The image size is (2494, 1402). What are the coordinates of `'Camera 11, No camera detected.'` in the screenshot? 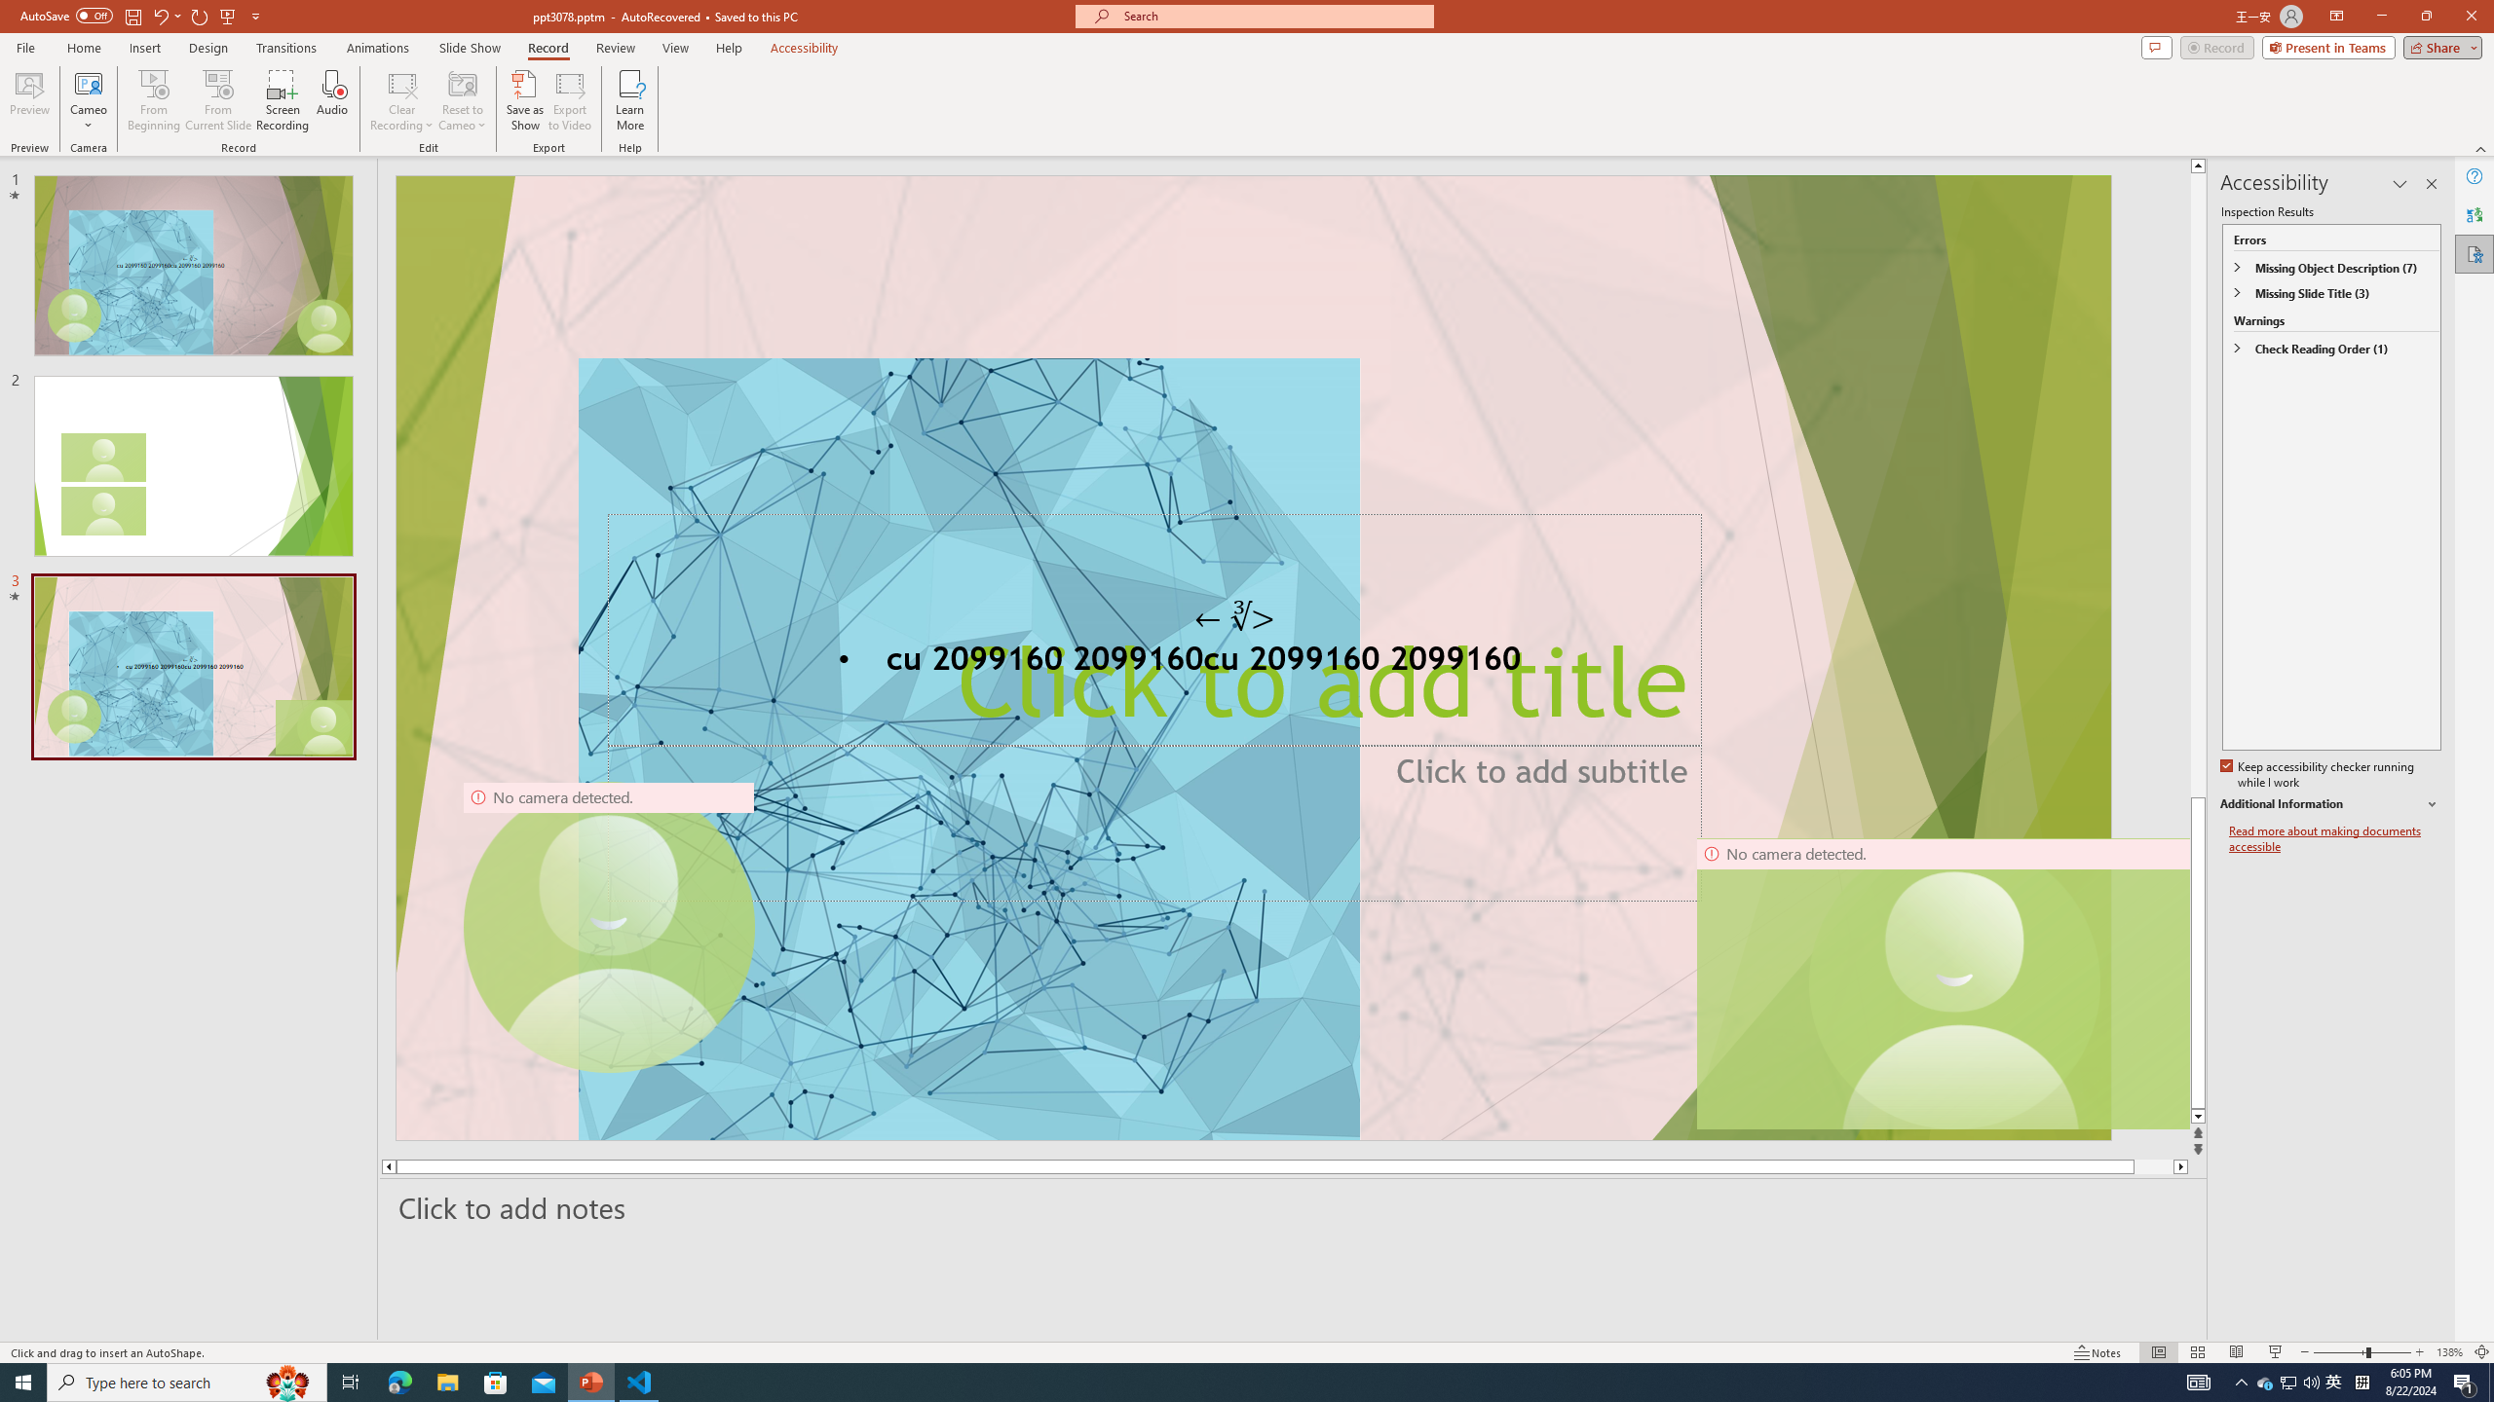 It's located at (1954, 983).